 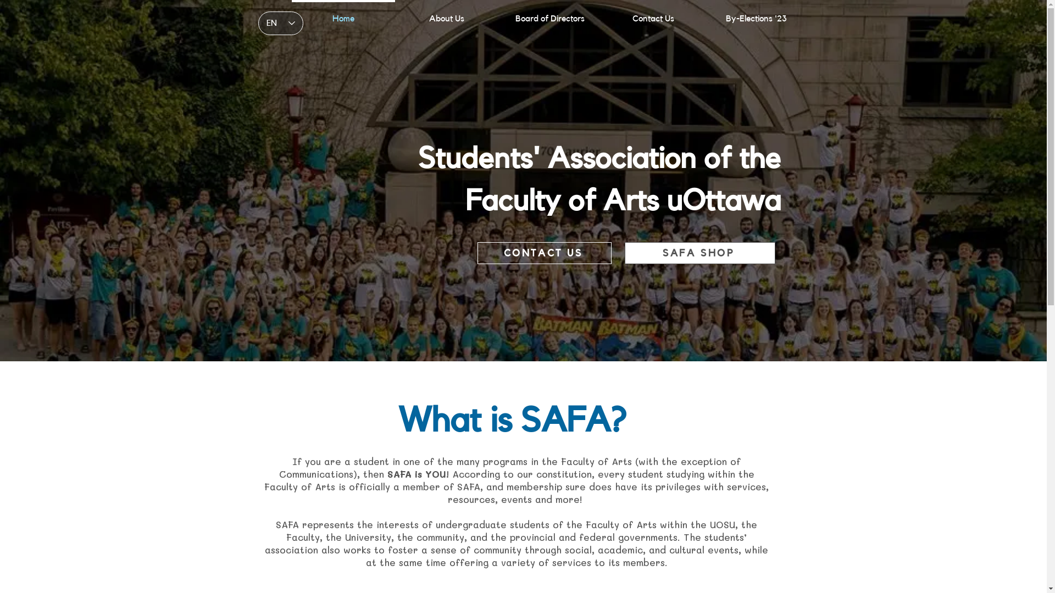 What do you see at coordinates (497, 13) in the screenshot?
I see `'Board of Directors'` at bounding box center [497, 13].